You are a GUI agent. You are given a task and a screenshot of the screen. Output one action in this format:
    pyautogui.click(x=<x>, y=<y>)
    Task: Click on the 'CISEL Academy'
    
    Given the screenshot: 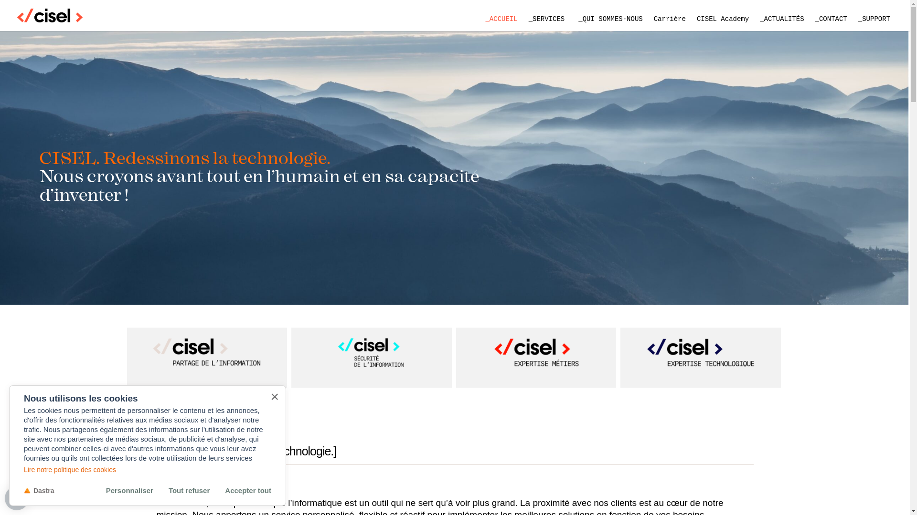 What is the action you would take?
    pyautogui.click(x=723, y=19)
    